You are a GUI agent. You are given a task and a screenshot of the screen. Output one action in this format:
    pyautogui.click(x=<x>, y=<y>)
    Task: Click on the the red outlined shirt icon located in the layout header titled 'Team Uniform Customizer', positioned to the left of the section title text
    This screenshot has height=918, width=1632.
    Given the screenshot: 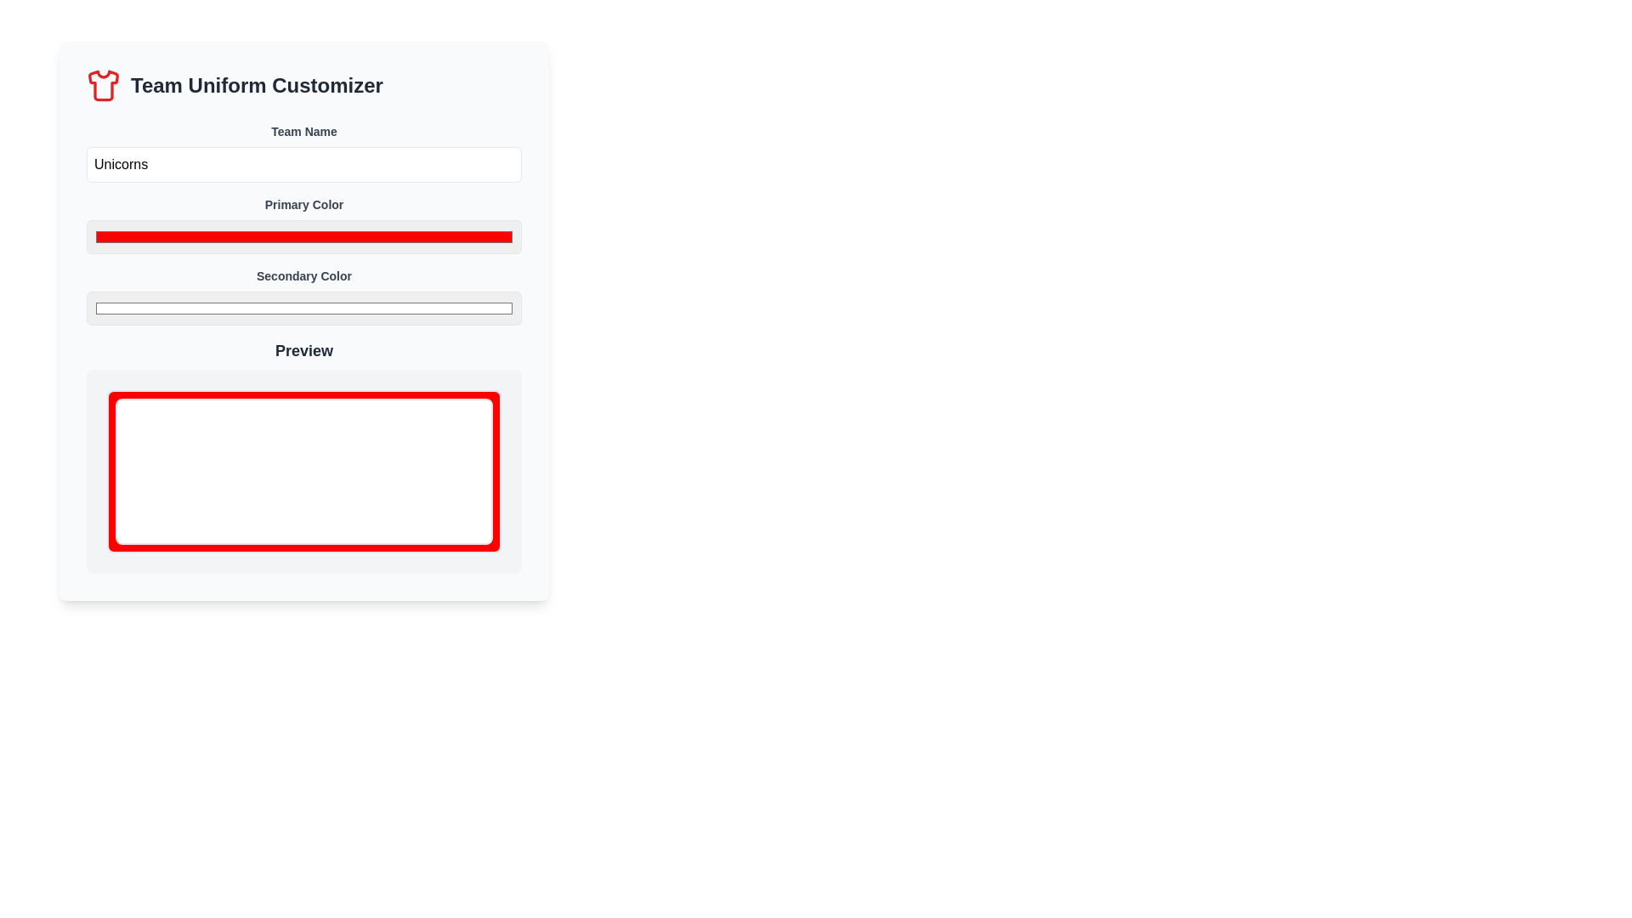 What is the action you would take?
    pyautogui.click(x=102, y=85)
    